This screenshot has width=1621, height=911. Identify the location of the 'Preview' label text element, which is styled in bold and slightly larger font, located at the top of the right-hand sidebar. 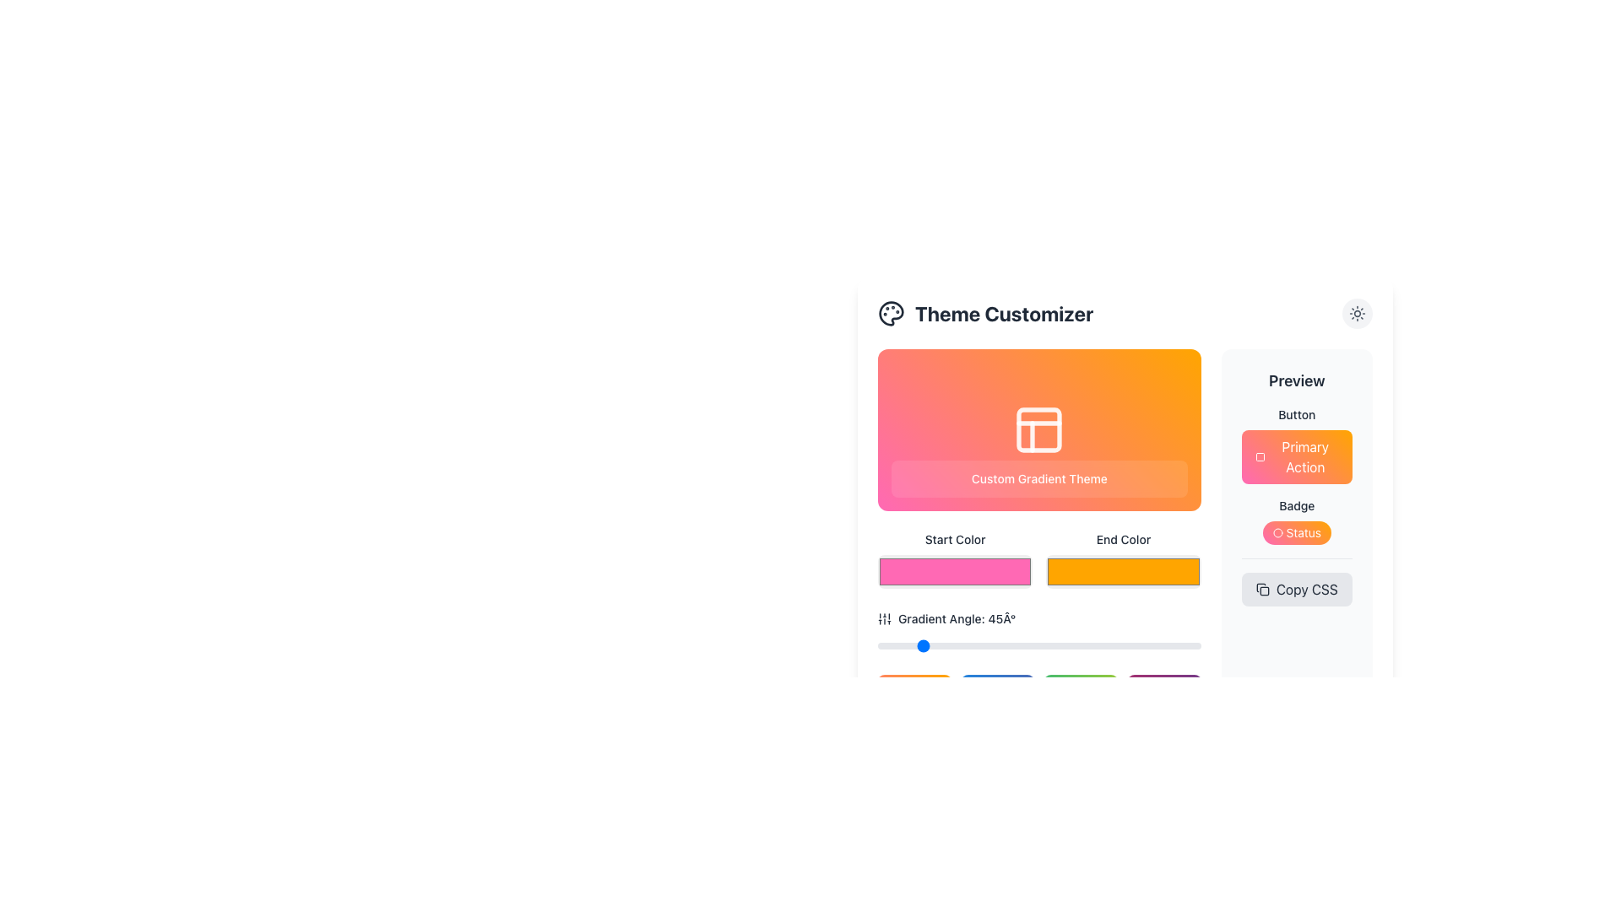
(1296, 380).